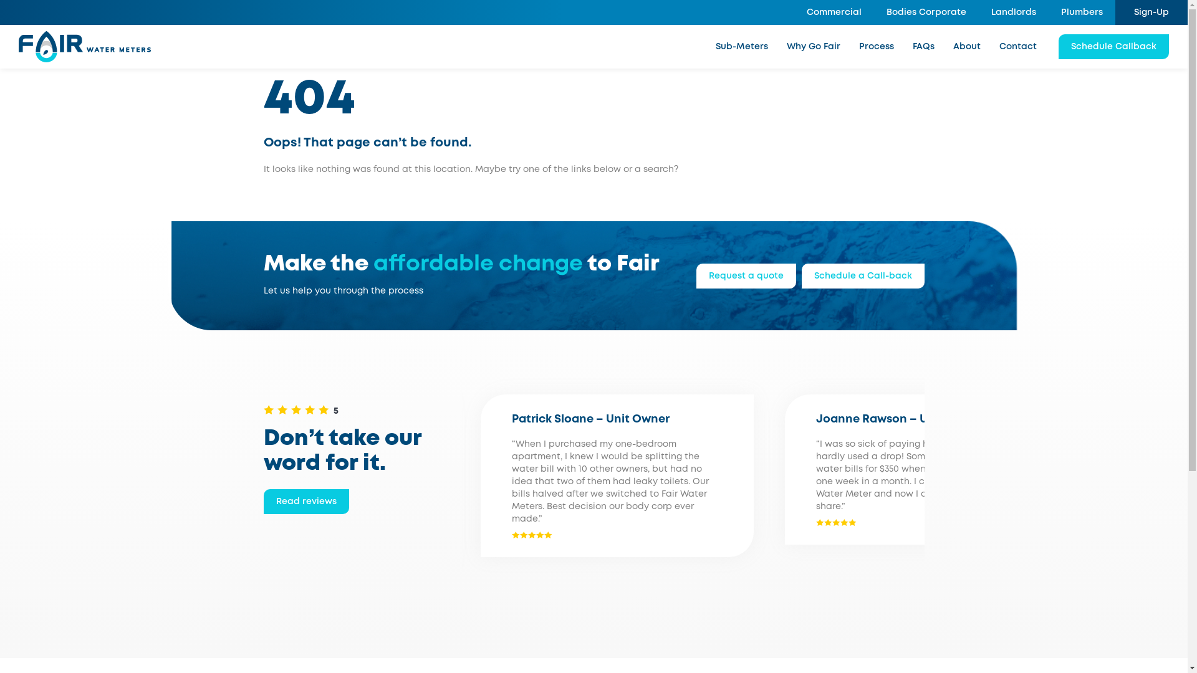 The image size is (1197, 673). I want to click on 'Bodies Corporate', so click(926, 12).